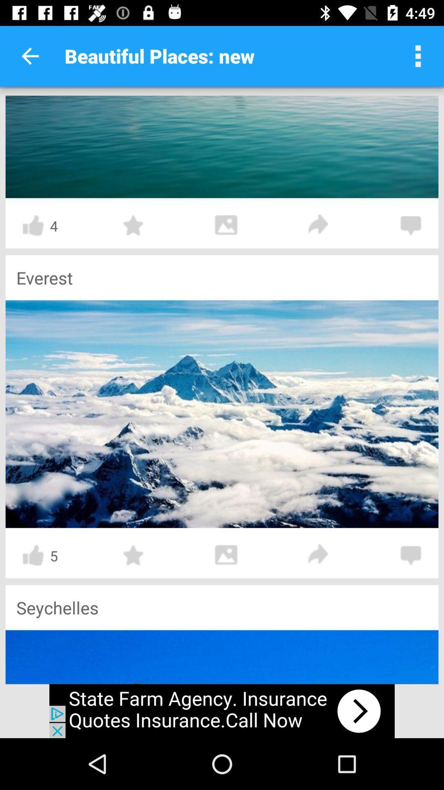  What do you see at coordinates (411, 225) in the screenshot?
I see `message button` at bounding box center [411, 225].